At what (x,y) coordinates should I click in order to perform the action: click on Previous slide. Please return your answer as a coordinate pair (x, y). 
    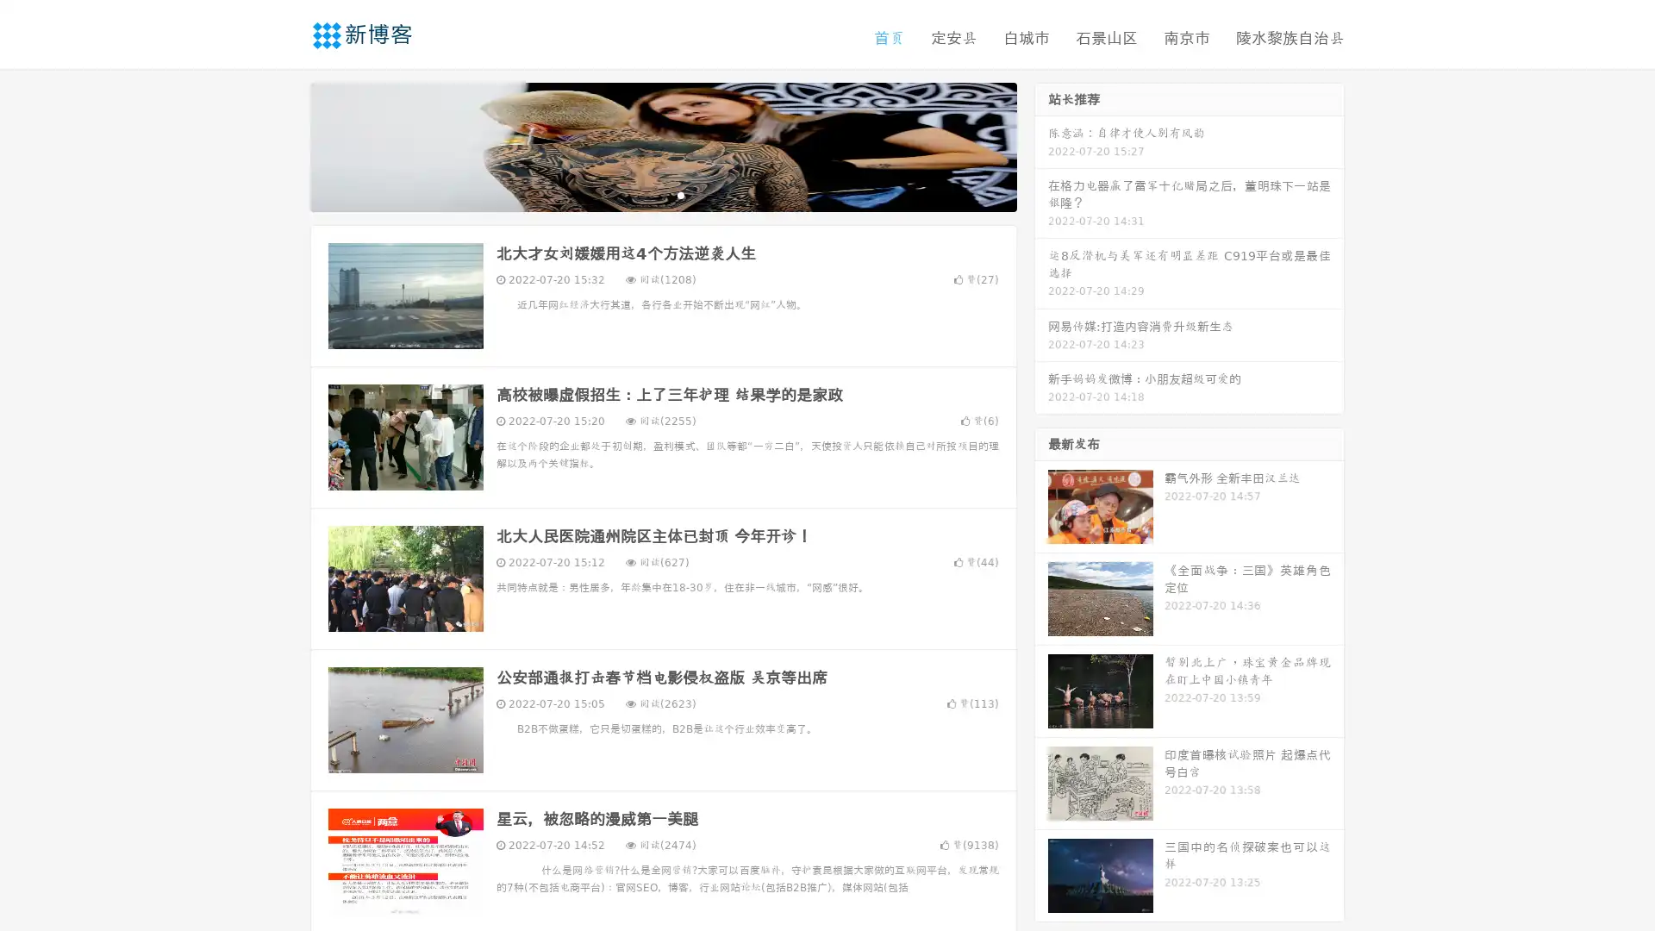
    Looking at the image, I should click on (284, 145).